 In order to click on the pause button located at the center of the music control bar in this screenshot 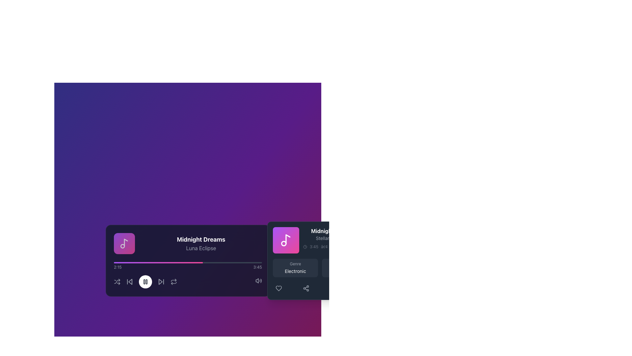, I will do `click(145, 282)`.